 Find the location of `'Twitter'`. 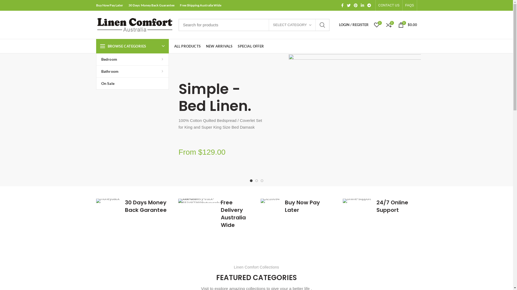

'Twitter' is located at coordinates (349, 5).